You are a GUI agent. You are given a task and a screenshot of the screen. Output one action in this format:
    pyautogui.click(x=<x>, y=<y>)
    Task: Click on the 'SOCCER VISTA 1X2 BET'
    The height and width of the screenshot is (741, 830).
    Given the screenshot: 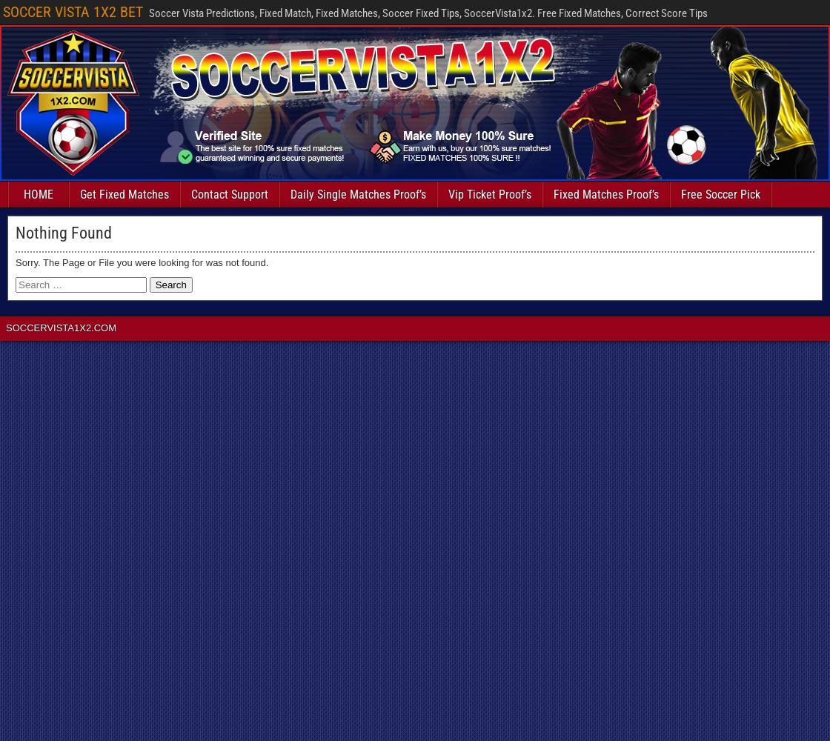 What is the action you would take?
    pyautogui.click(x=73, y=12)
    